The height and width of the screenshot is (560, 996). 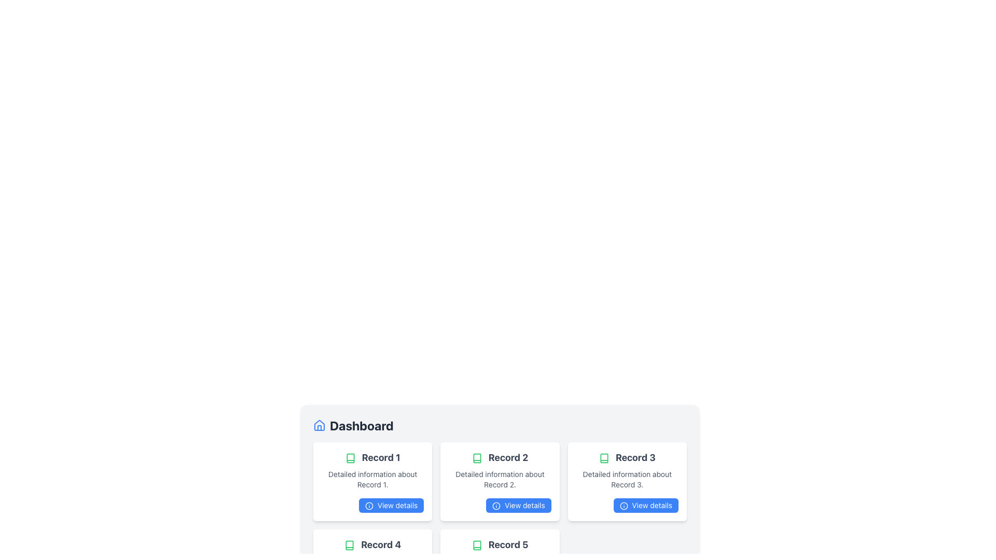 What do you see at coordinates (627, 457) in the screenshot?
I see `the Text label that serves as the title for the associated card item, located in the top-right card of a grid layout, above the text 'Detailed information about Record 3'` at bounding box center [627, 457].